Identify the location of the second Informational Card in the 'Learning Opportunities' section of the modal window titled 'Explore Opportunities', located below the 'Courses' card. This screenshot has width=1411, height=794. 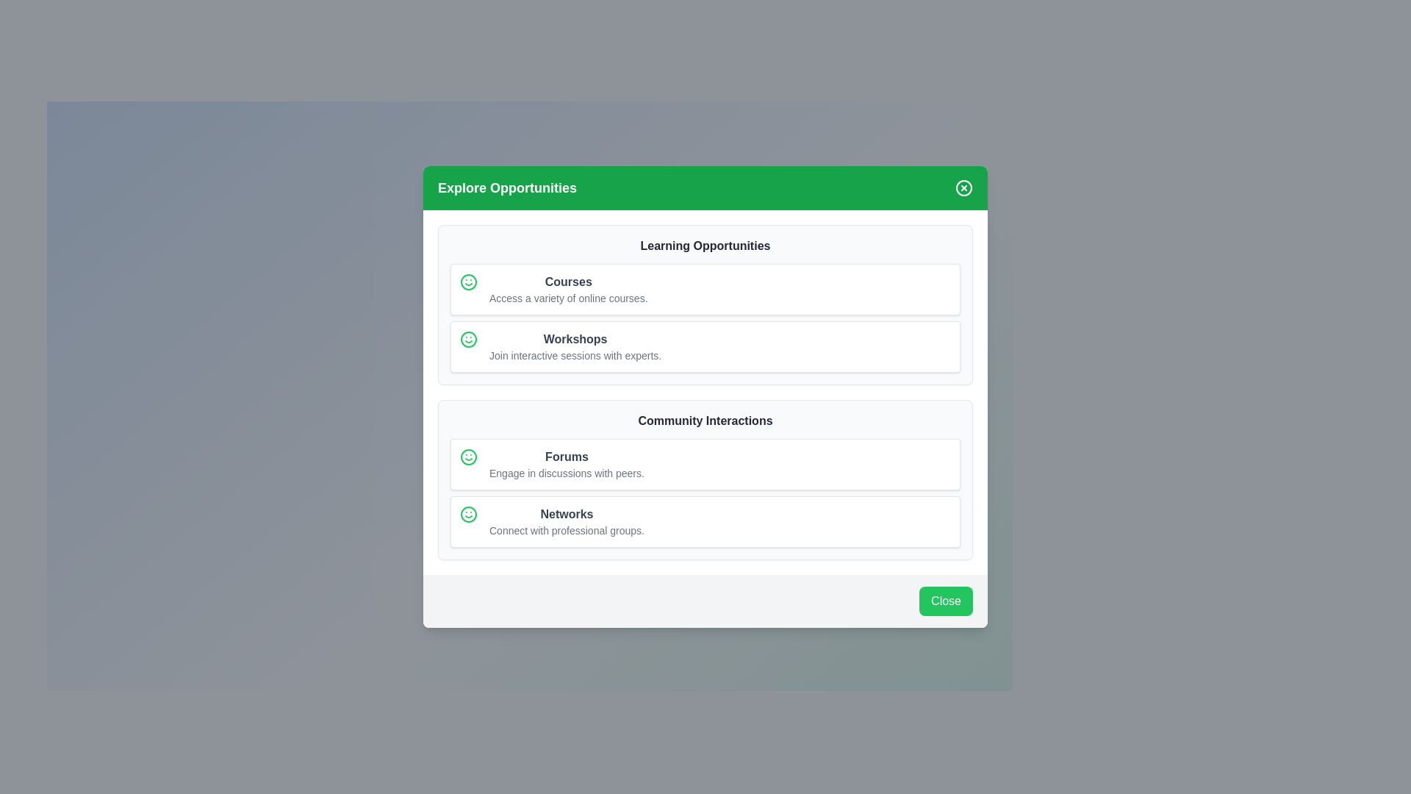
(705, 346).